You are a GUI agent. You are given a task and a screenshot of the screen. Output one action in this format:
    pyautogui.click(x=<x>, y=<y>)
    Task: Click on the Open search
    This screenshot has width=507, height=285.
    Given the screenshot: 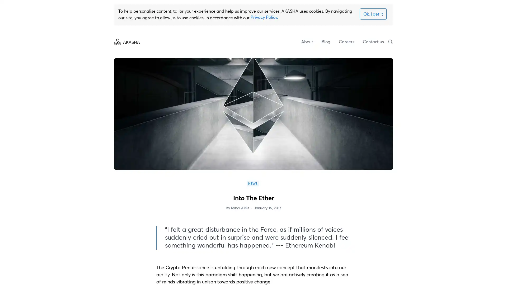 What is the action you would take?
    pyautogui.click(x=390, y=41)
    